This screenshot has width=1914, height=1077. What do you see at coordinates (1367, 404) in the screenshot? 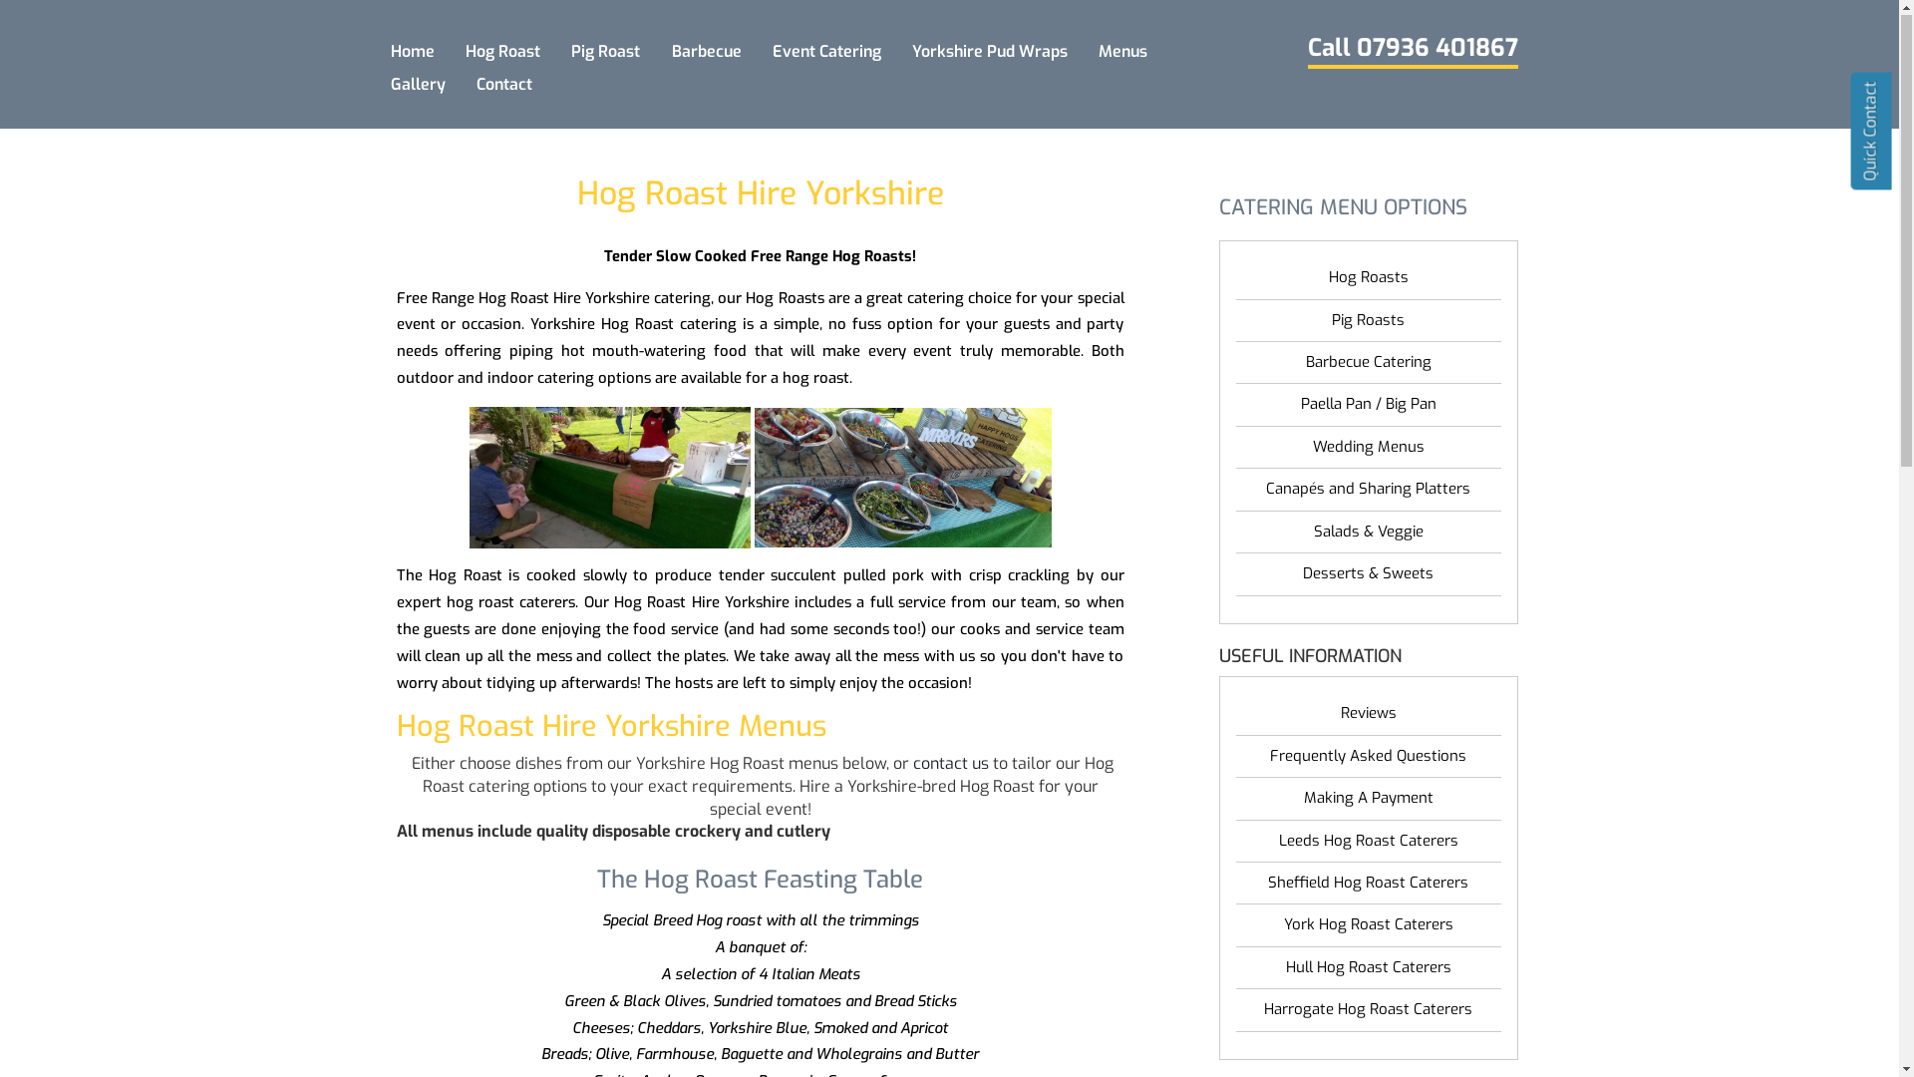
I see `'Paella Pan / Big Pan'` at bounding box center [1367, 404].